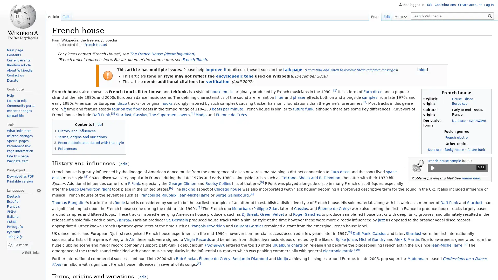  Describe the element at coordinates (38, 190) in the screenshot. I see `Language settings` at that location.